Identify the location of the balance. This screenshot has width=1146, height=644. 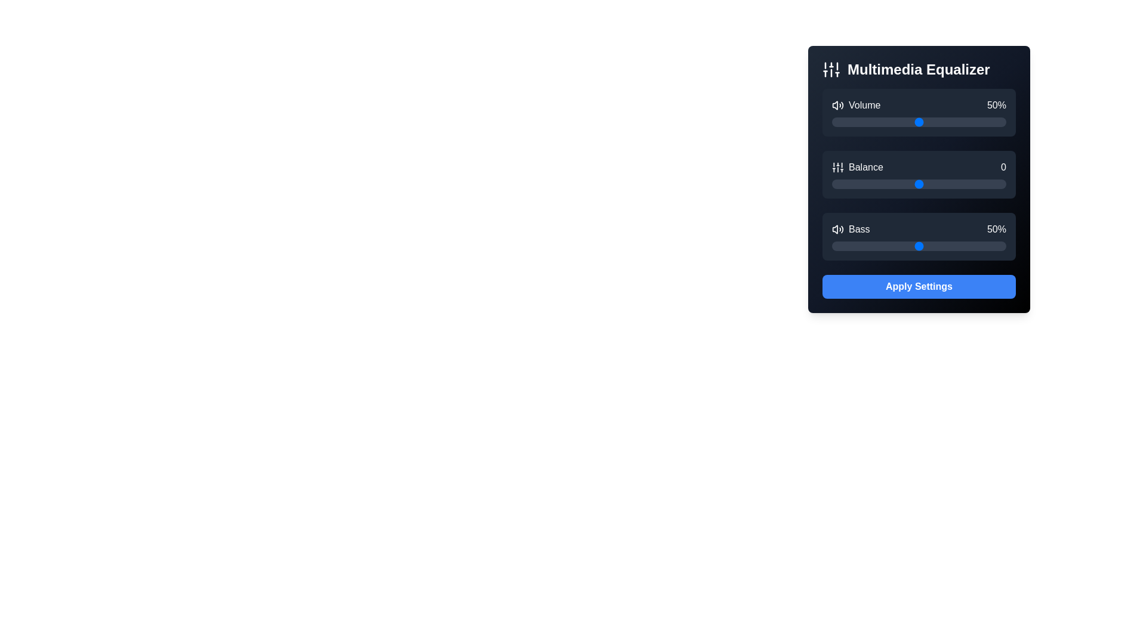
(919, 184).